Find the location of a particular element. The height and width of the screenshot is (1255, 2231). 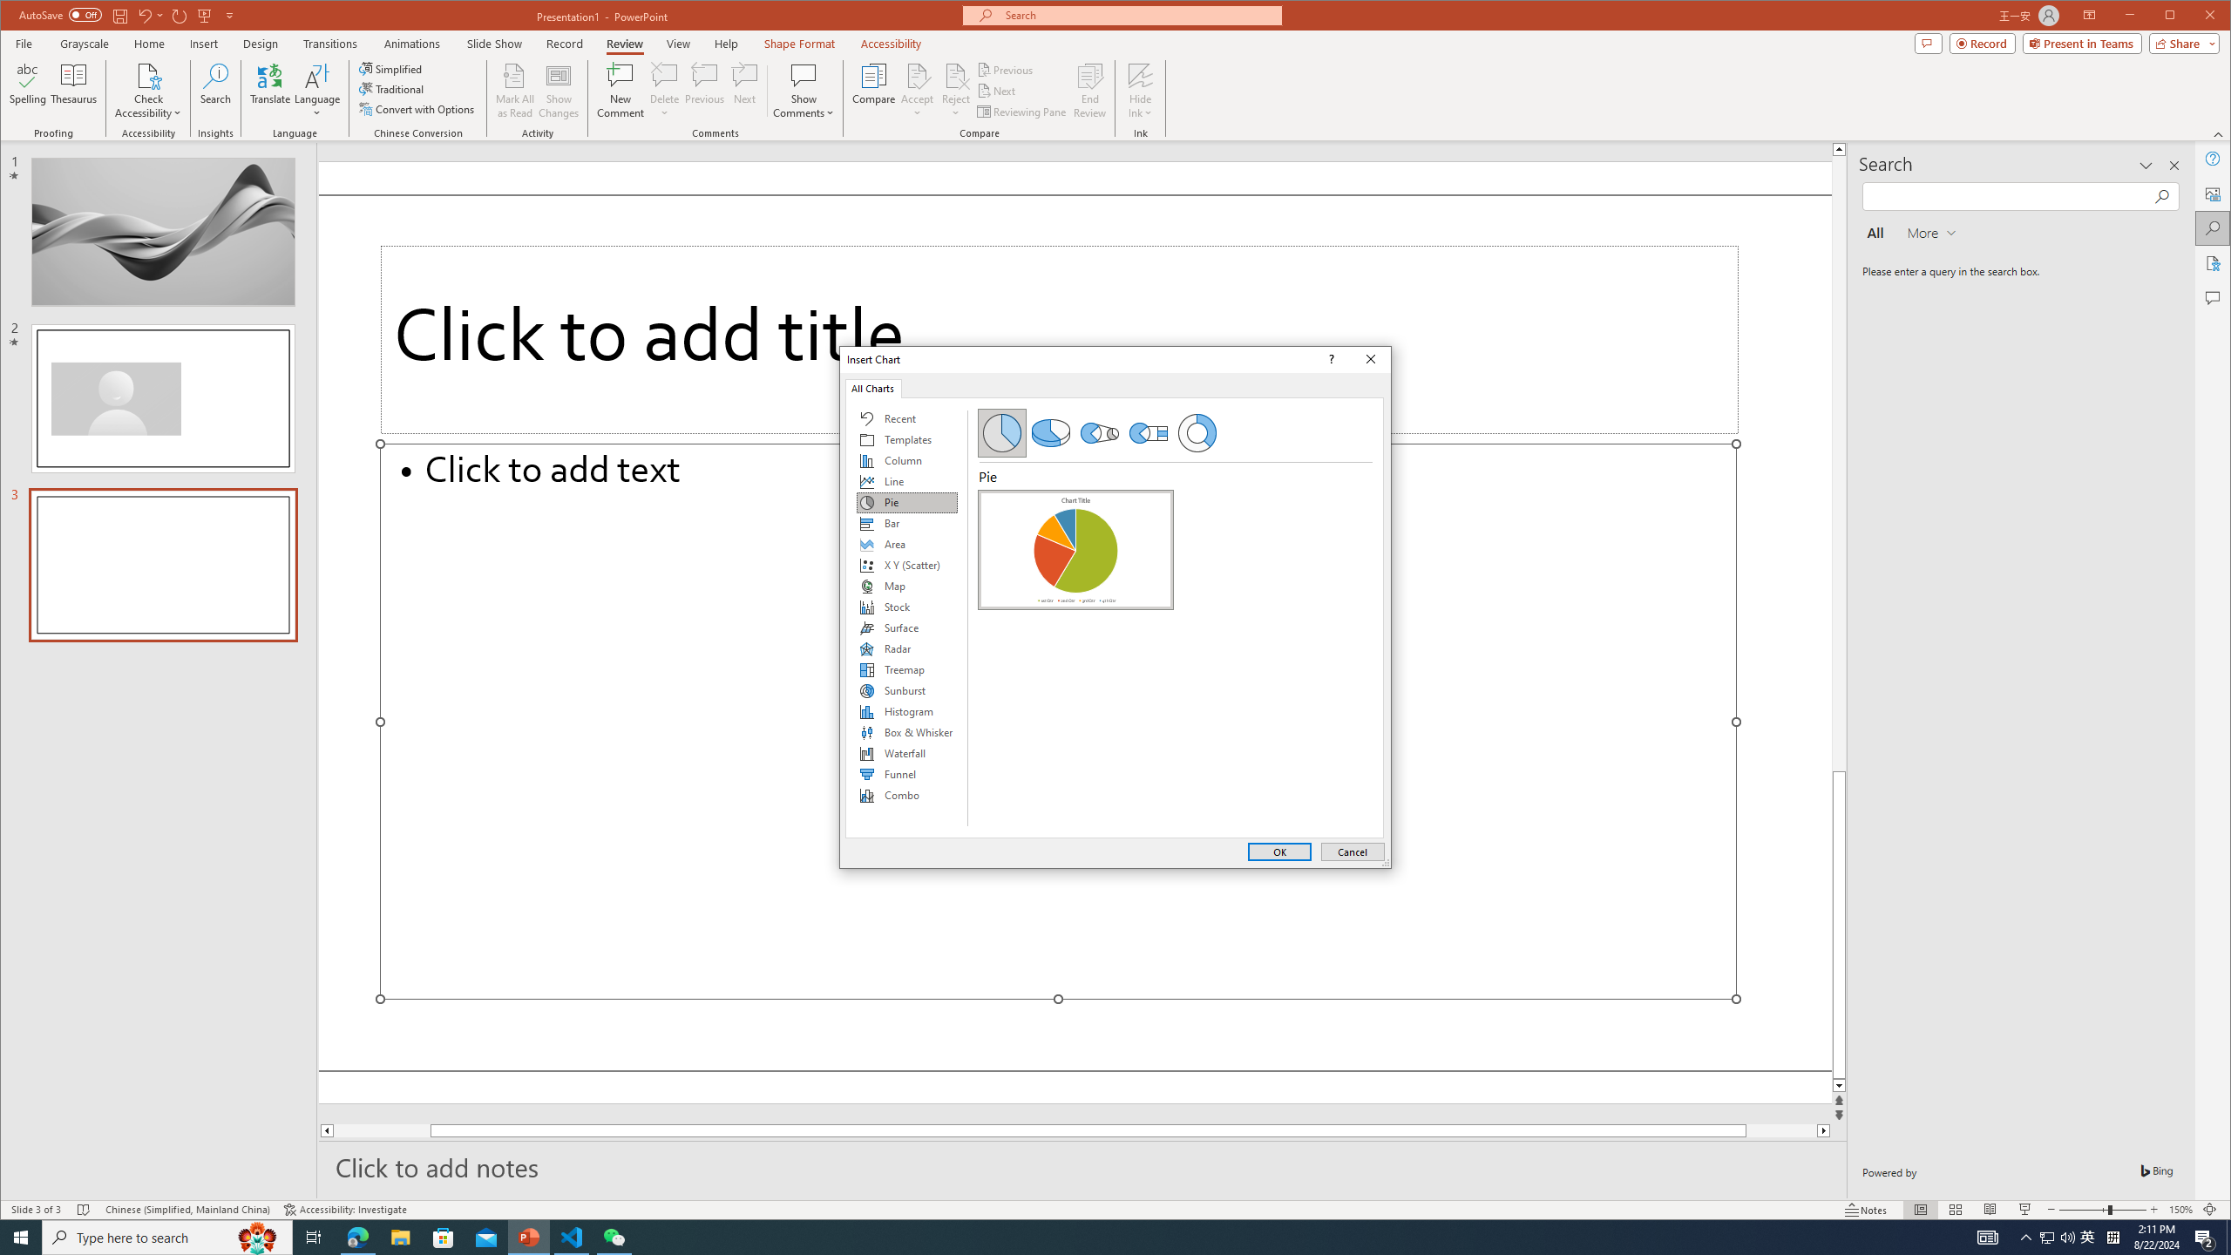

'Treemap' is located at coordinates (905, 668).